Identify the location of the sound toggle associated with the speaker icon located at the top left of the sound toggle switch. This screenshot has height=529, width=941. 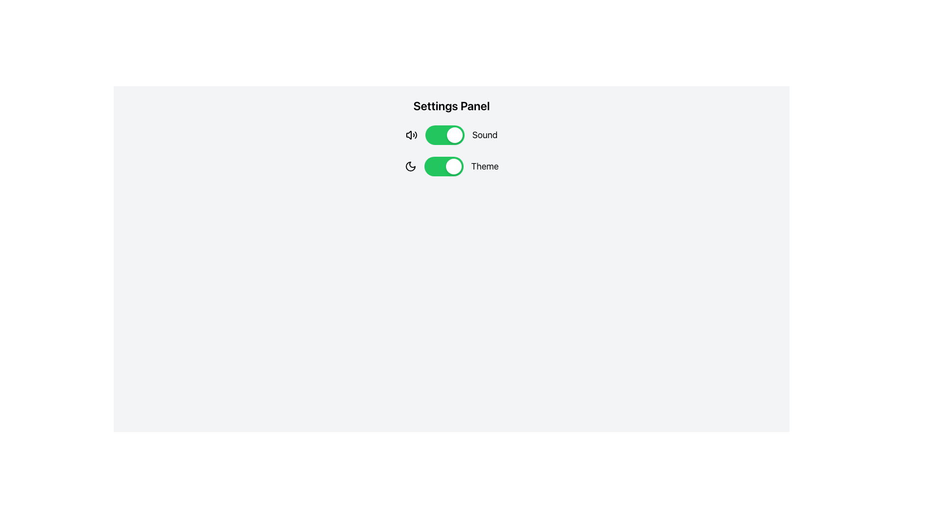
(409, 135).